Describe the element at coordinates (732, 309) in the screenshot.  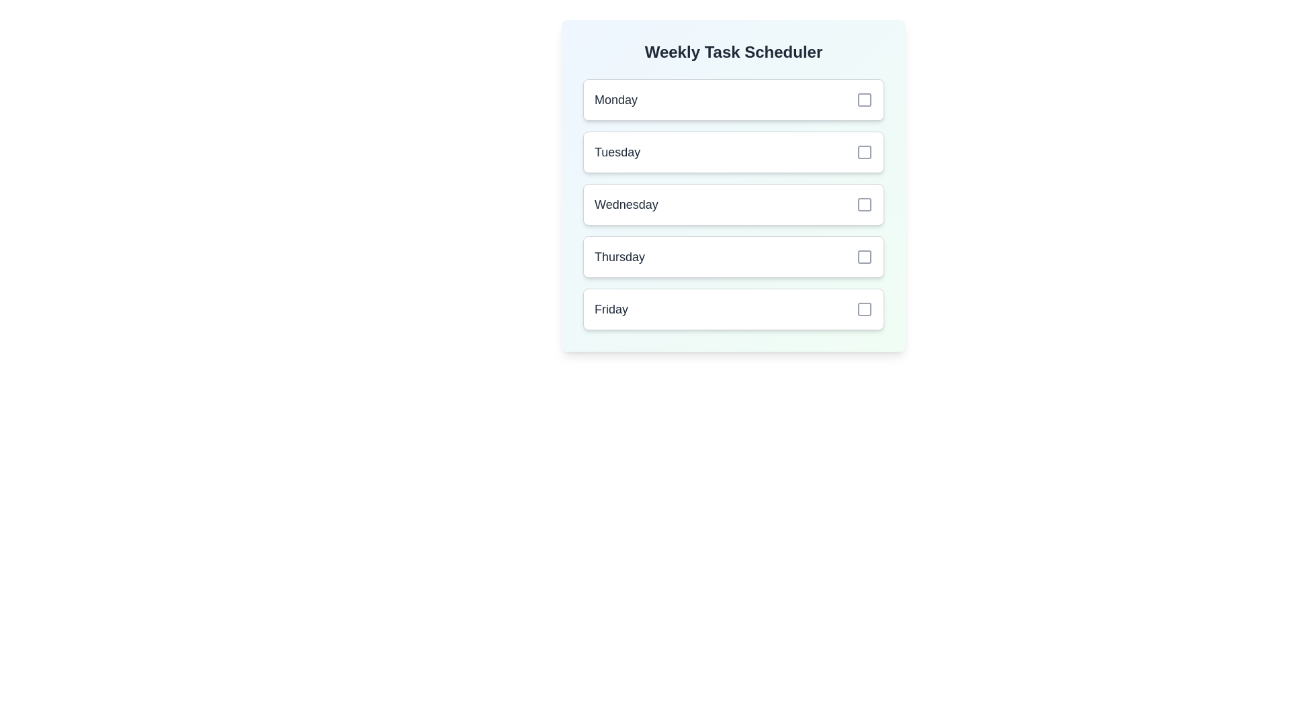
I see `the day Friday to view its details` at that location.